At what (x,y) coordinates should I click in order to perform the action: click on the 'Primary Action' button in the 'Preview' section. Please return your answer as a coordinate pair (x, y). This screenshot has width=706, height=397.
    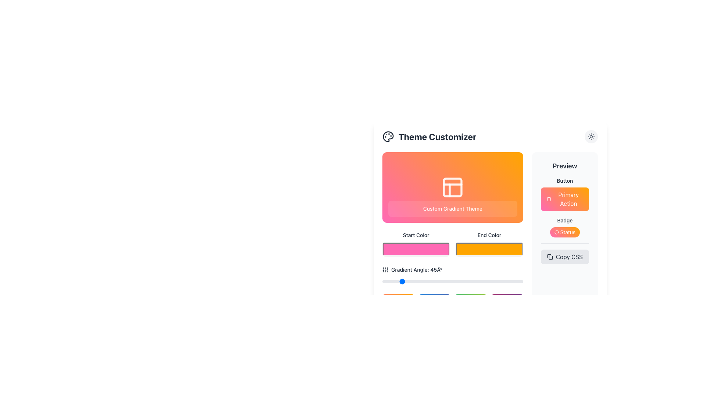
    Looking at the image, I should click on (564, 194).